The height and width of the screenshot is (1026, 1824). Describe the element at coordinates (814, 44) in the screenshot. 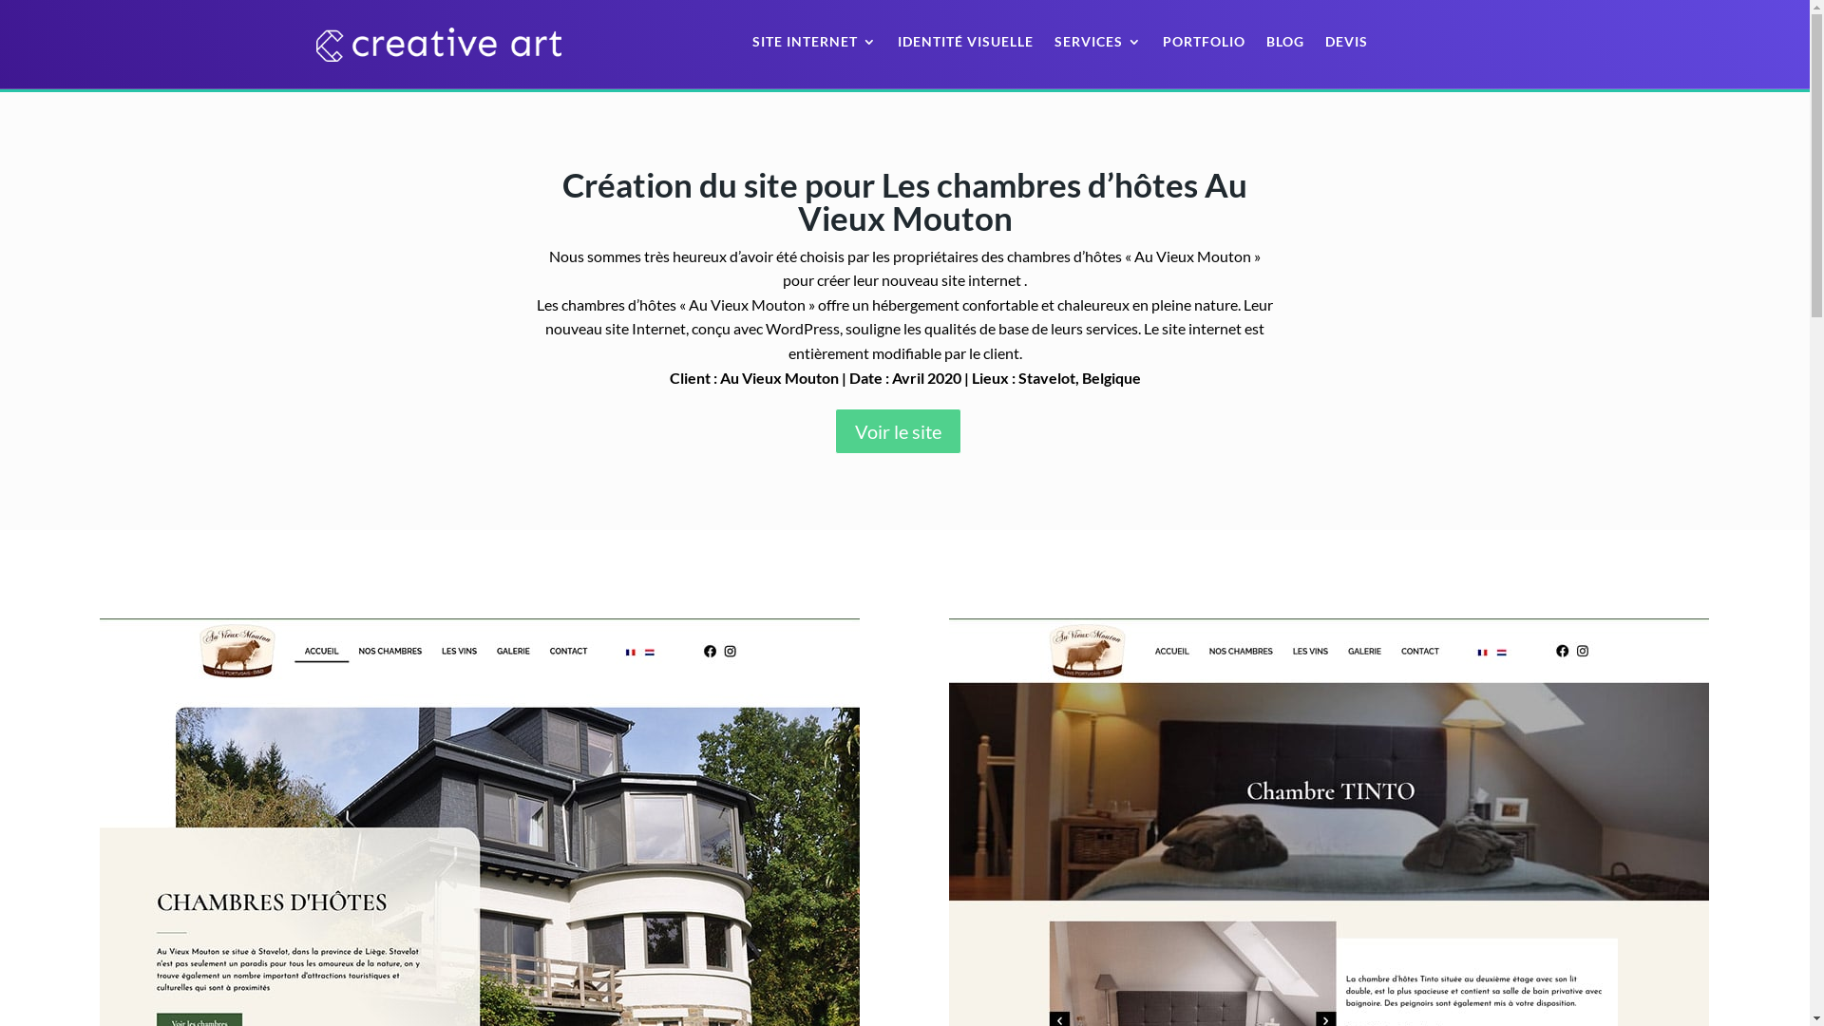

I see `'SITE INTERNET'` at that location.